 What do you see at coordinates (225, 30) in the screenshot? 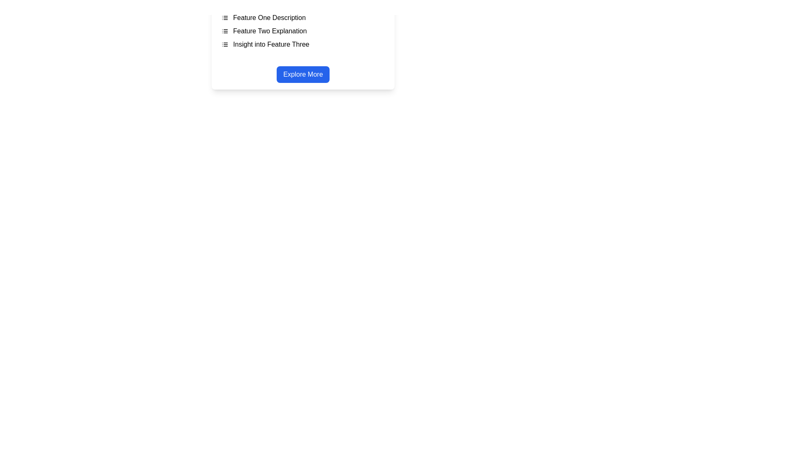
I see `the list icon component, which features three horizontal lines stacked vertically and is located to the left of the text labeled 'Feature Two Explanation.'` at bounding box center [225, 30].